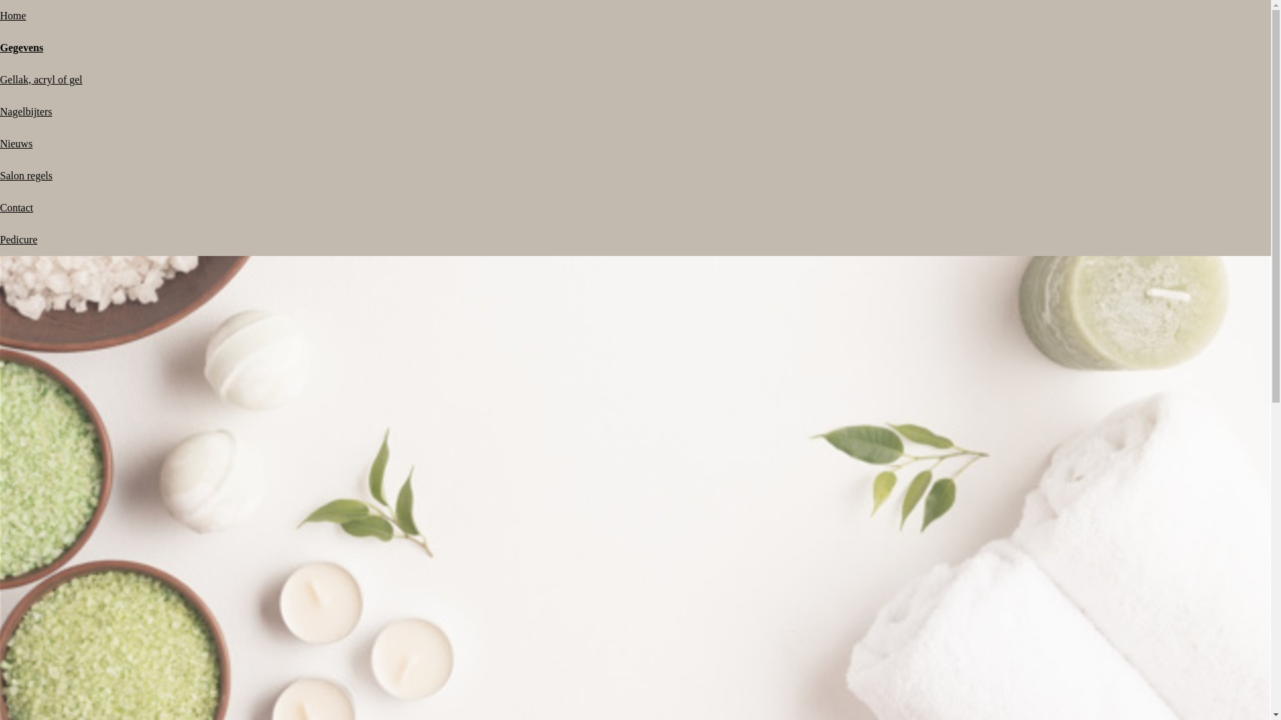 This screenshot has height=720, width=1281. Describe the element at coordinates (25, 111) in the screenshot. I see `'Nagelbijters'` at that location.